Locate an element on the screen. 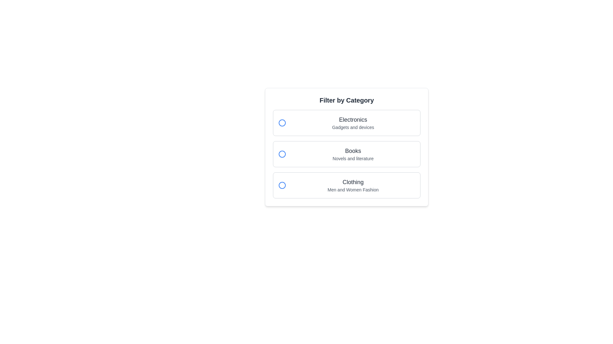  text element labeled 'Clothing', which serves as the main identifier for a selectable category in the filter interface is located at coordinates (352, 182).